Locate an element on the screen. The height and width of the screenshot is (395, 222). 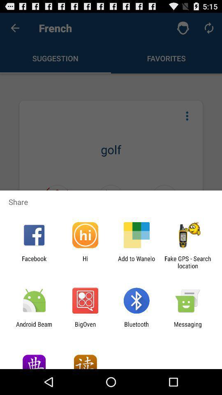
the app next to bigoven icon is located at coordinates (34, 328).